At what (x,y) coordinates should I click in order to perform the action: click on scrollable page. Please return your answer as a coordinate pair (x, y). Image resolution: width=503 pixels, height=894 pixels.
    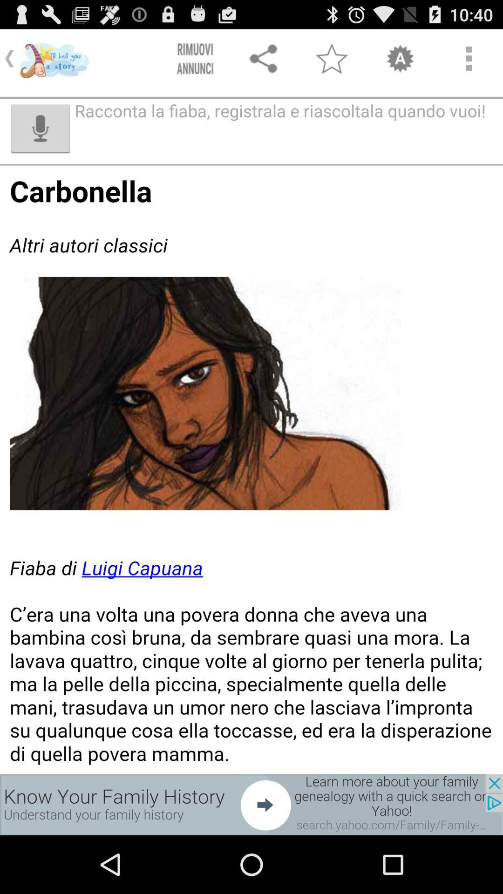
    Looking at the image, I should click on (251, 470).